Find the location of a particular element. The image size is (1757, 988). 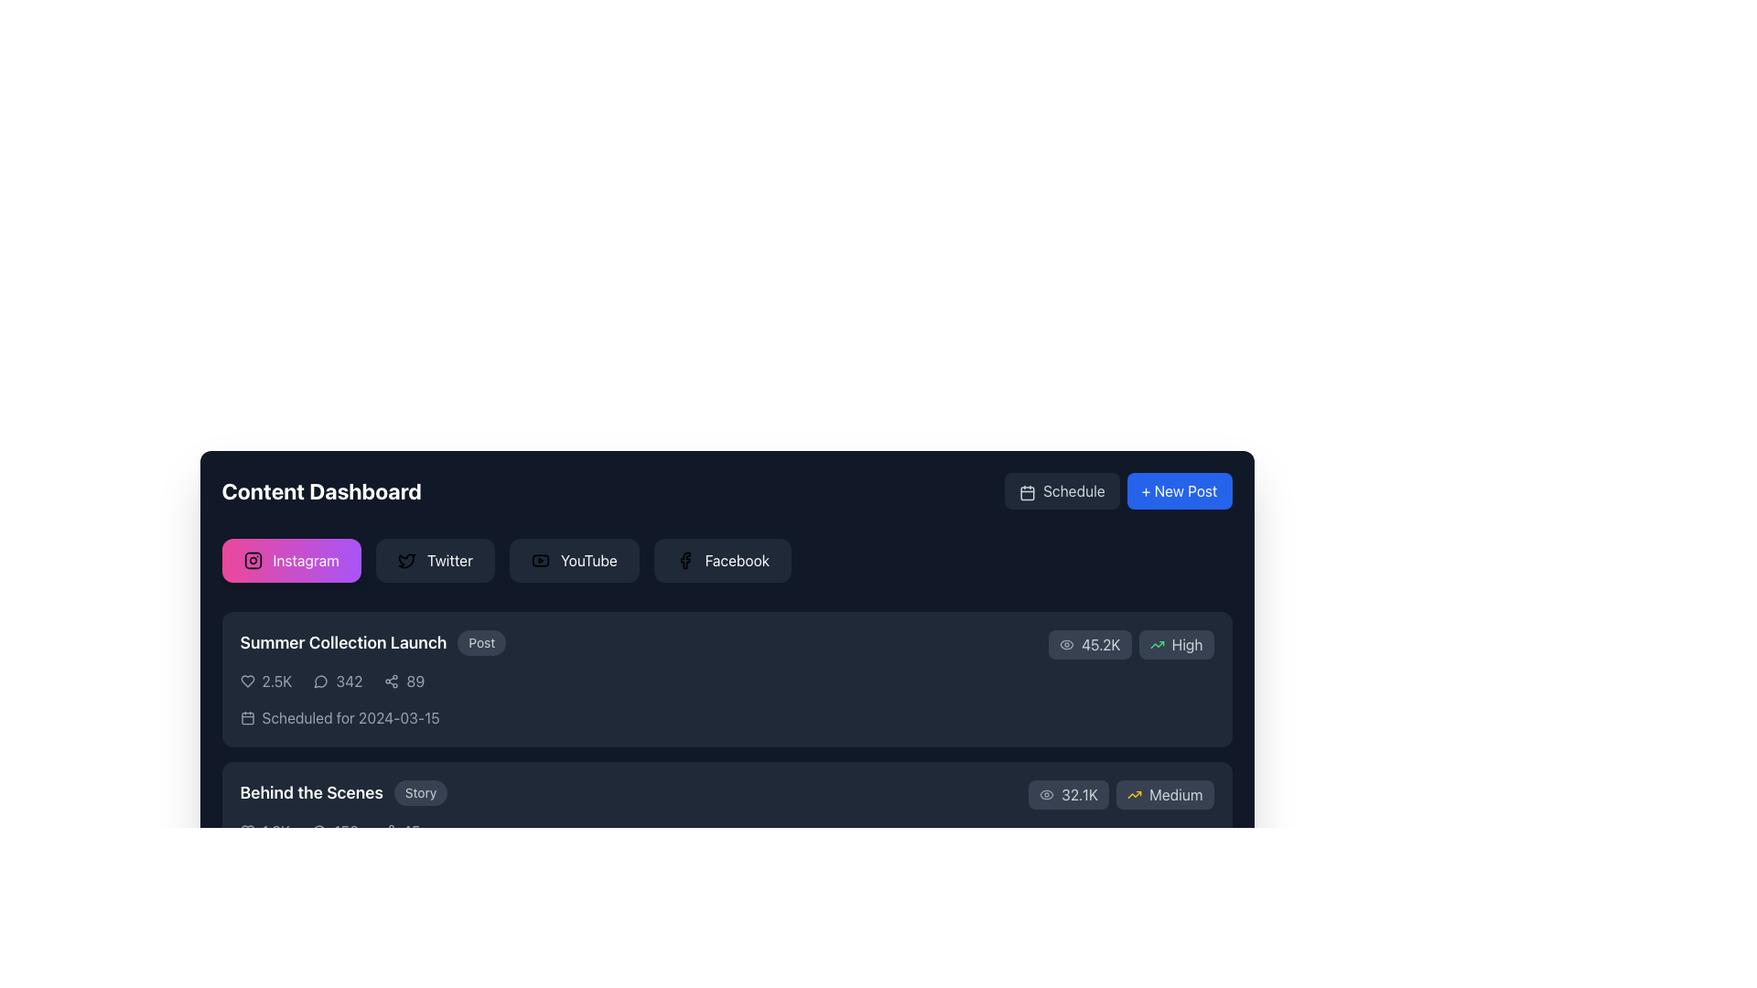

the eye icon that indicates visibility or view counts, which is the leftmost feature of a rectangular button with rounded corners and a dark gray background, adjacent to the text '32.1K' is located at coordinates (1047, 793).